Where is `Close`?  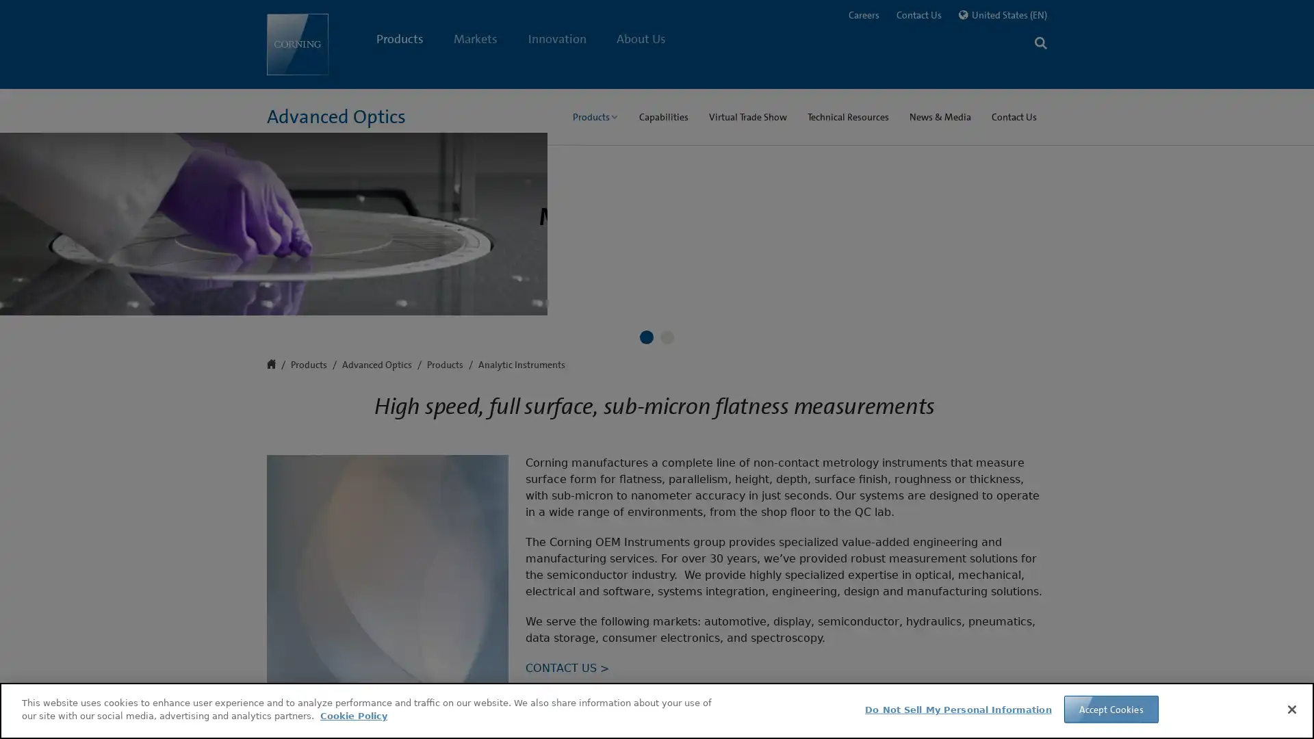
Close is located at coordinates (1291, 708).